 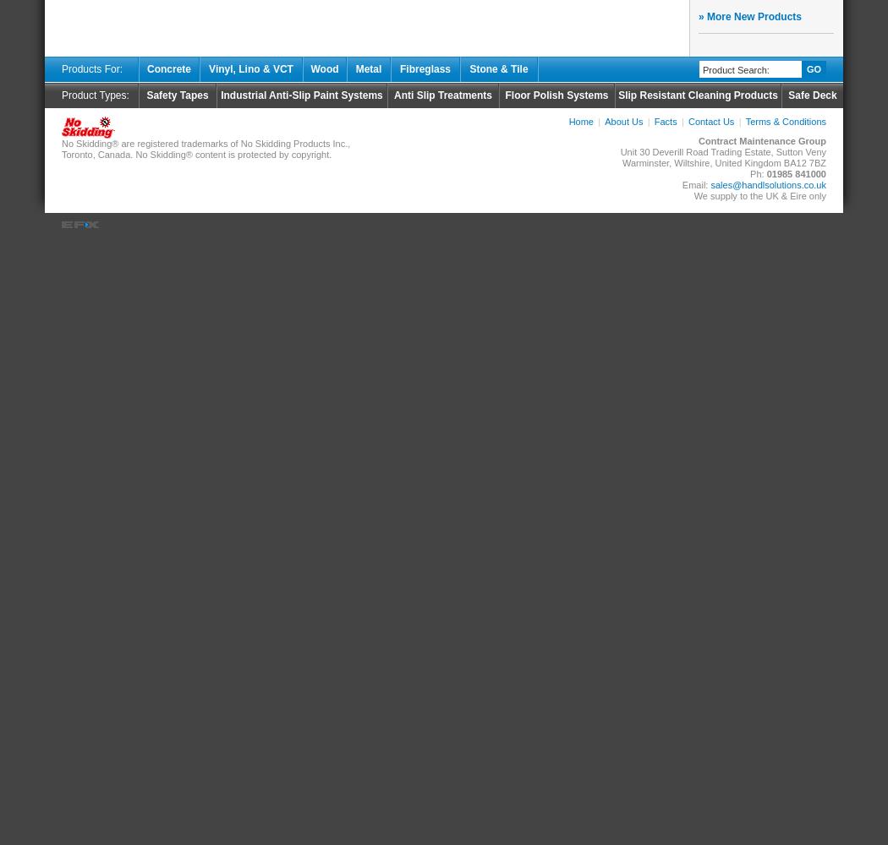 What do you see at coordinates (206, 144) in the screenshot?
I see `'No Skidding® are registered trademarks of No Skidding Products Inc.,'` at bounding box center [206, 144].